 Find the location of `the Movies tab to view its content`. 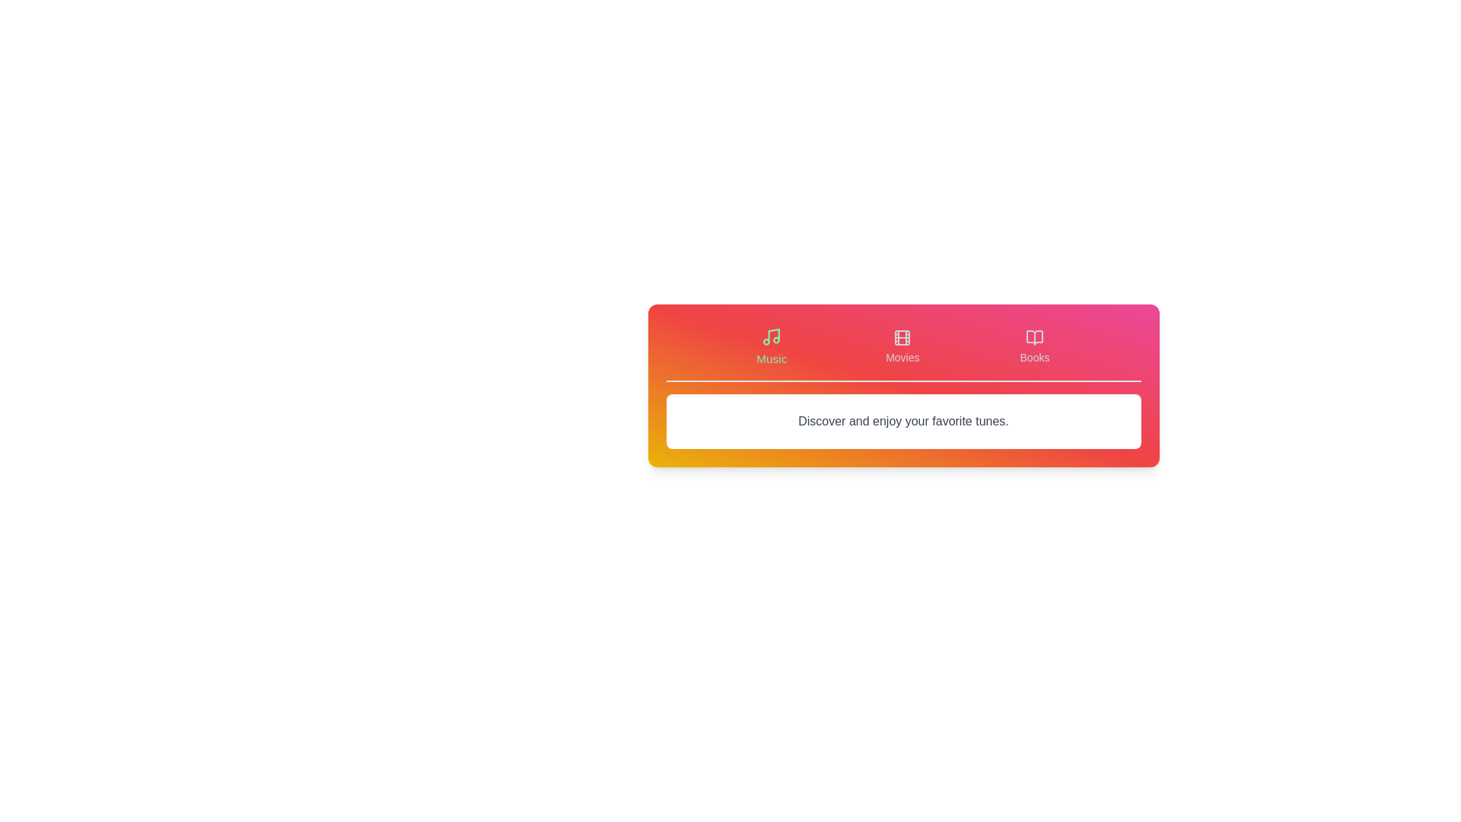

the Movies tab to view its content is located at coordinates (902, 346).